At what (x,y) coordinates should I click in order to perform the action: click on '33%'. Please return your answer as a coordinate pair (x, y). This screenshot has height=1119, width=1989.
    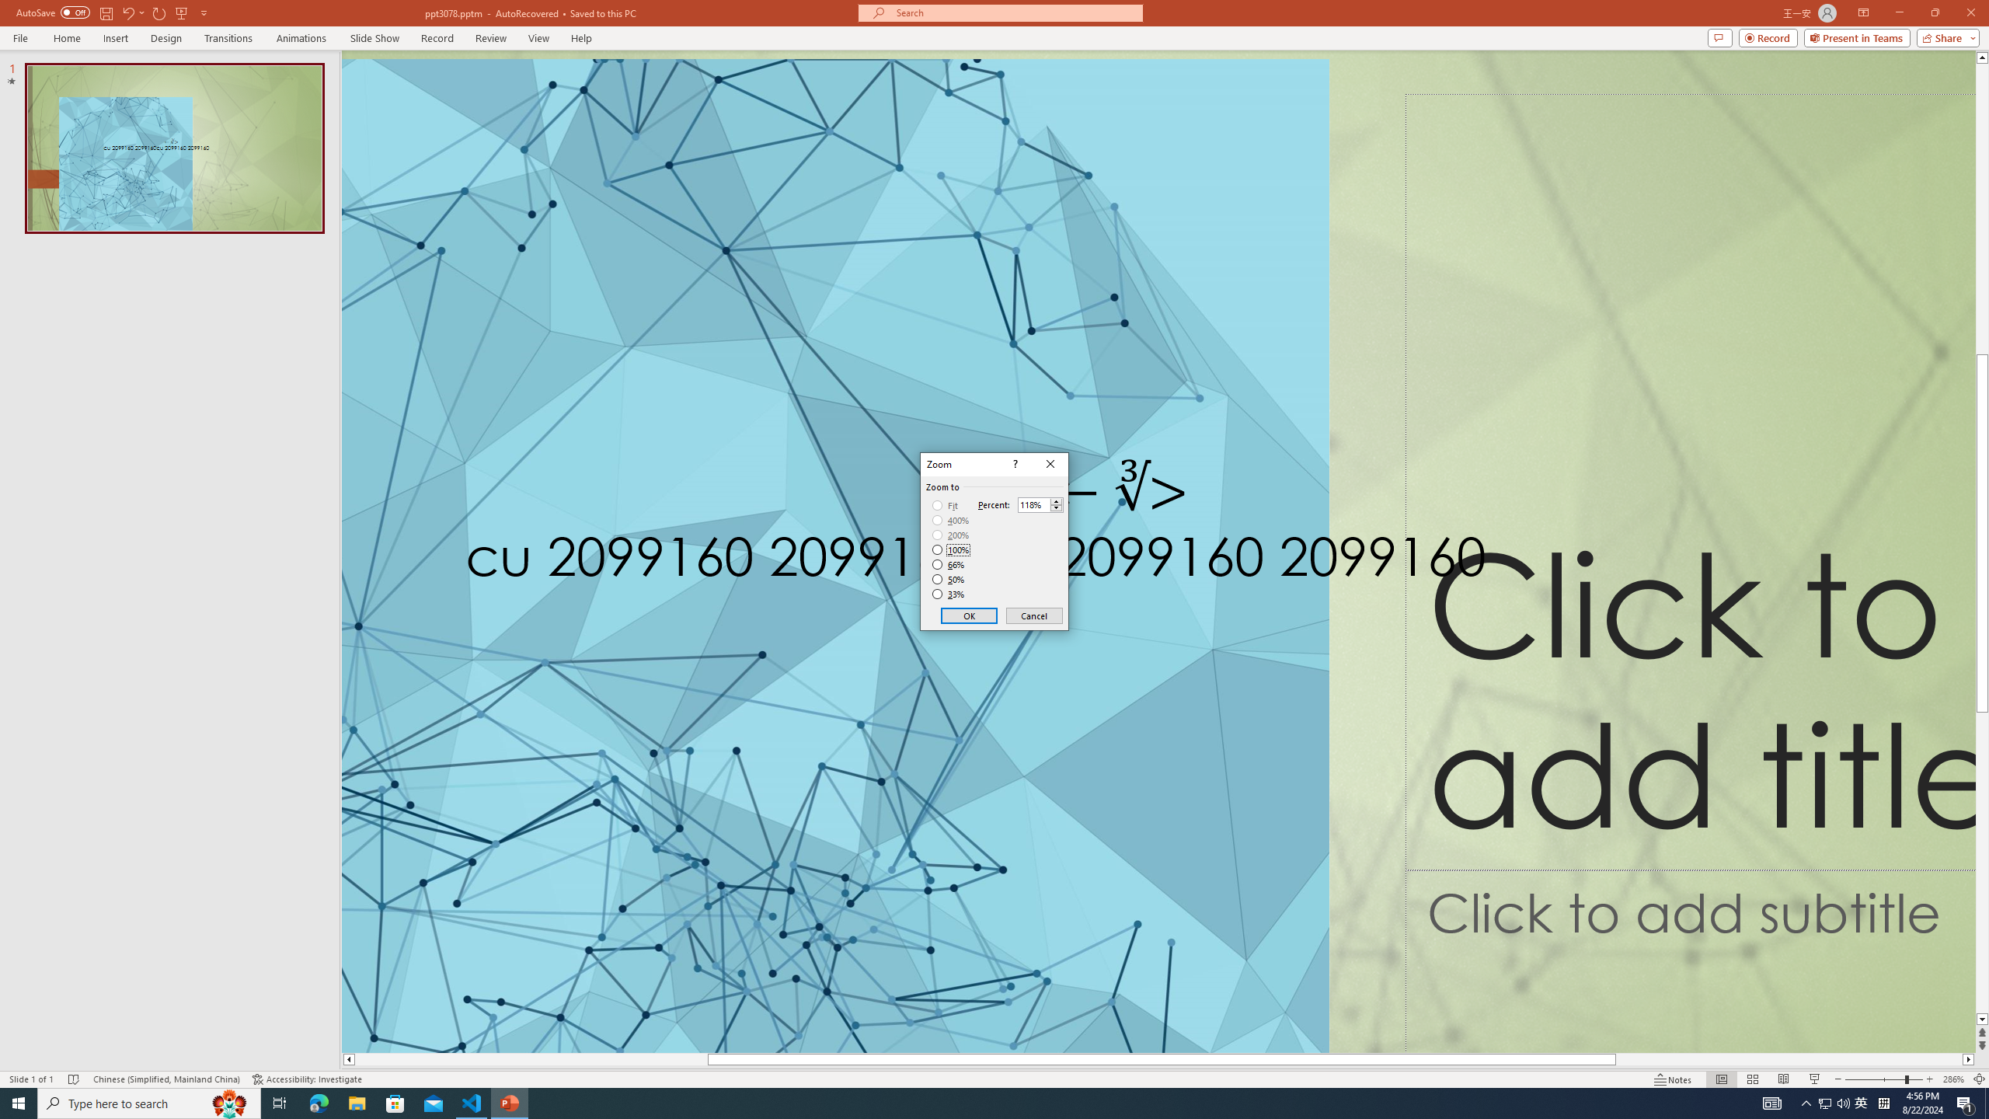
    Looking at the image, I should click on (949, 594).